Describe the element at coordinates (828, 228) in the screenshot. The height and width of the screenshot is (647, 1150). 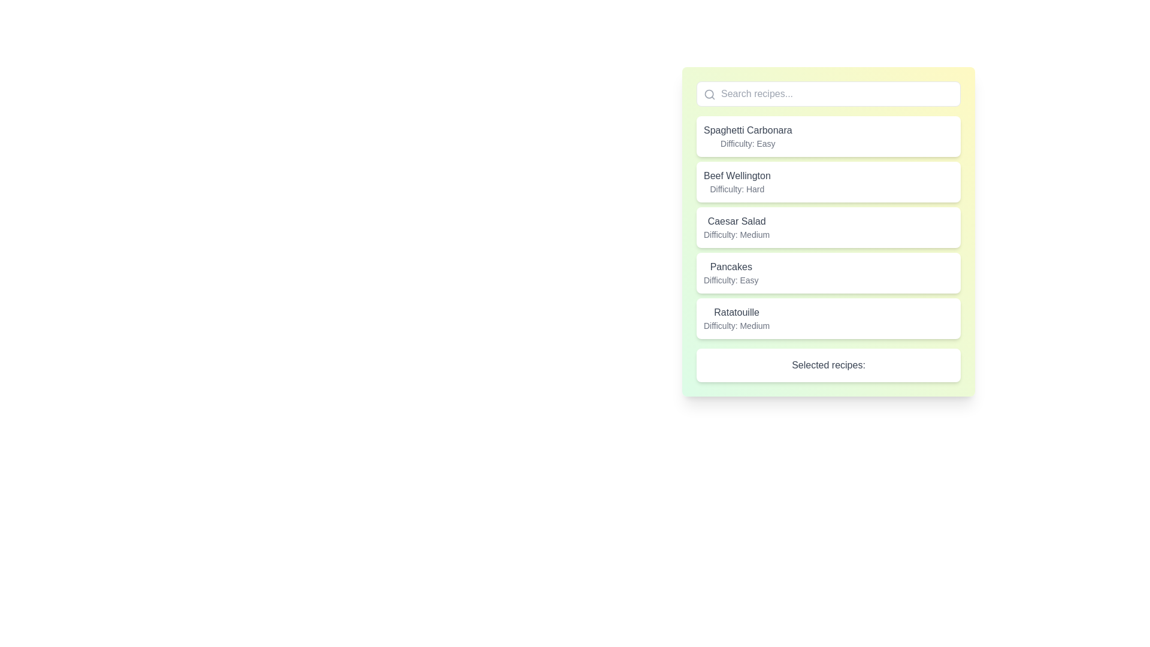
I see `the 'Caesar Salad' recipe card, which is the third entry in the list of recipe cards, located in the greenish panel on the right side` at that location.